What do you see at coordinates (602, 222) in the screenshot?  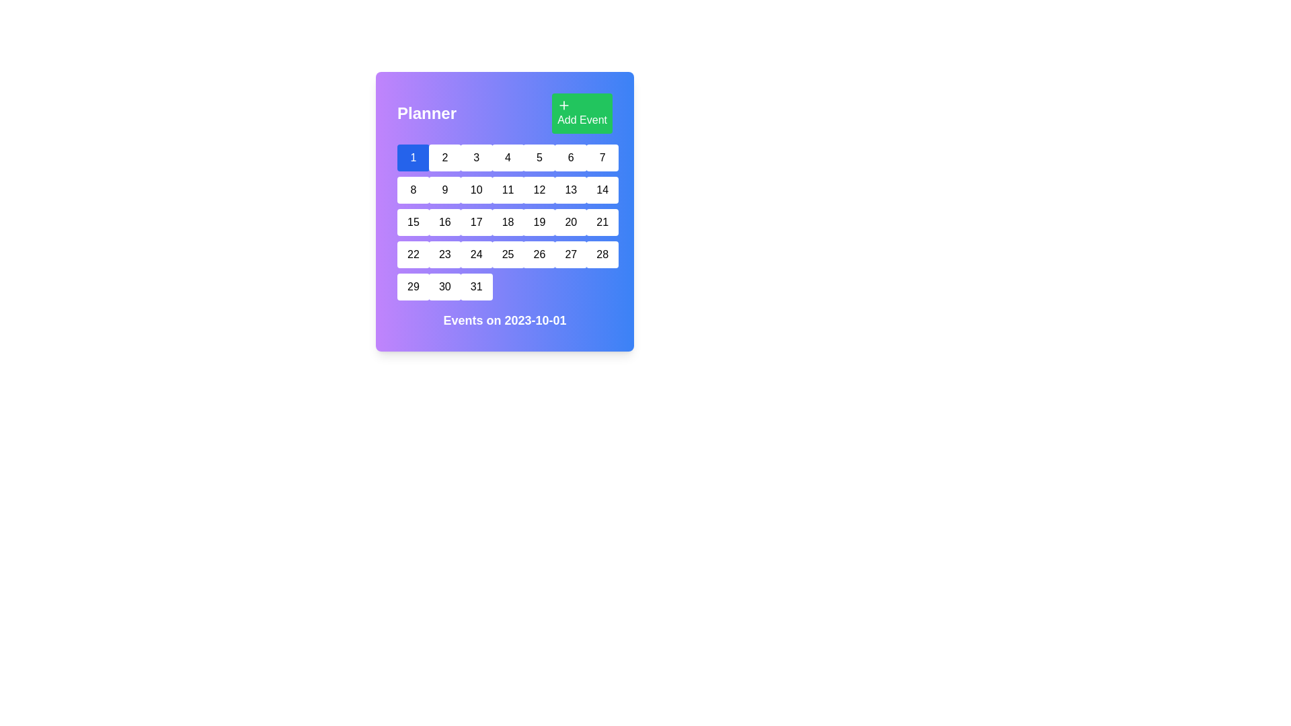 I see `the selectable day button representing the 21st of the month in the calendar` at bounding box center [602, 222].